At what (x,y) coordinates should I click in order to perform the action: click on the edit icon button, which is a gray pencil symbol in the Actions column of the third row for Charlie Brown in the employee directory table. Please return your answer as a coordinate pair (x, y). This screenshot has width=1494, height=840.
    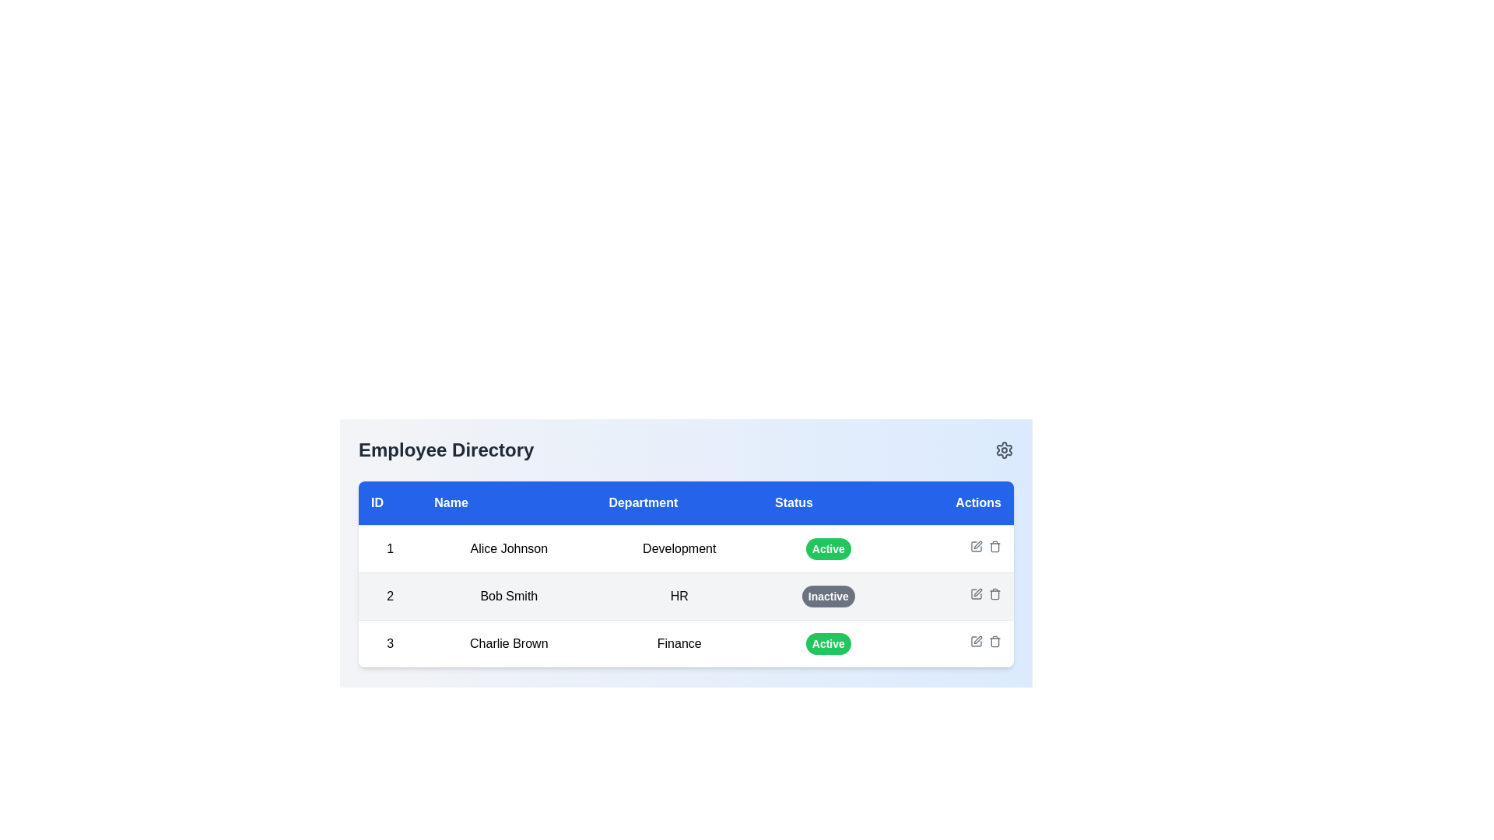
    Looking at the image, I should click on (975, 642).